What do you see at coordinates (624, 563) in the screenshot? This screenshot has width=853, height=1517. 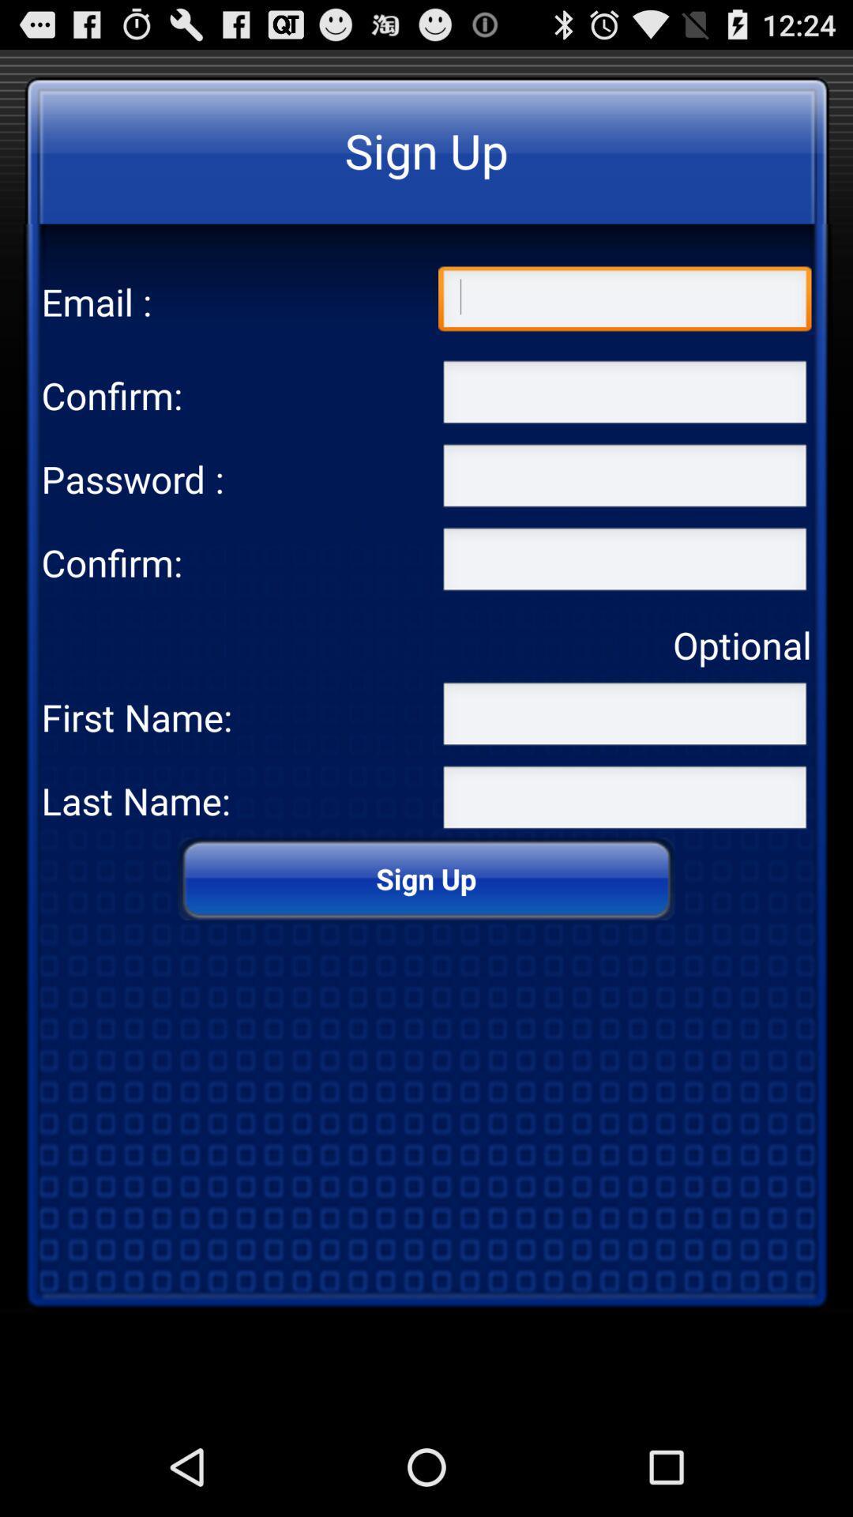 I see `password field` at bounding box center [624, 563].